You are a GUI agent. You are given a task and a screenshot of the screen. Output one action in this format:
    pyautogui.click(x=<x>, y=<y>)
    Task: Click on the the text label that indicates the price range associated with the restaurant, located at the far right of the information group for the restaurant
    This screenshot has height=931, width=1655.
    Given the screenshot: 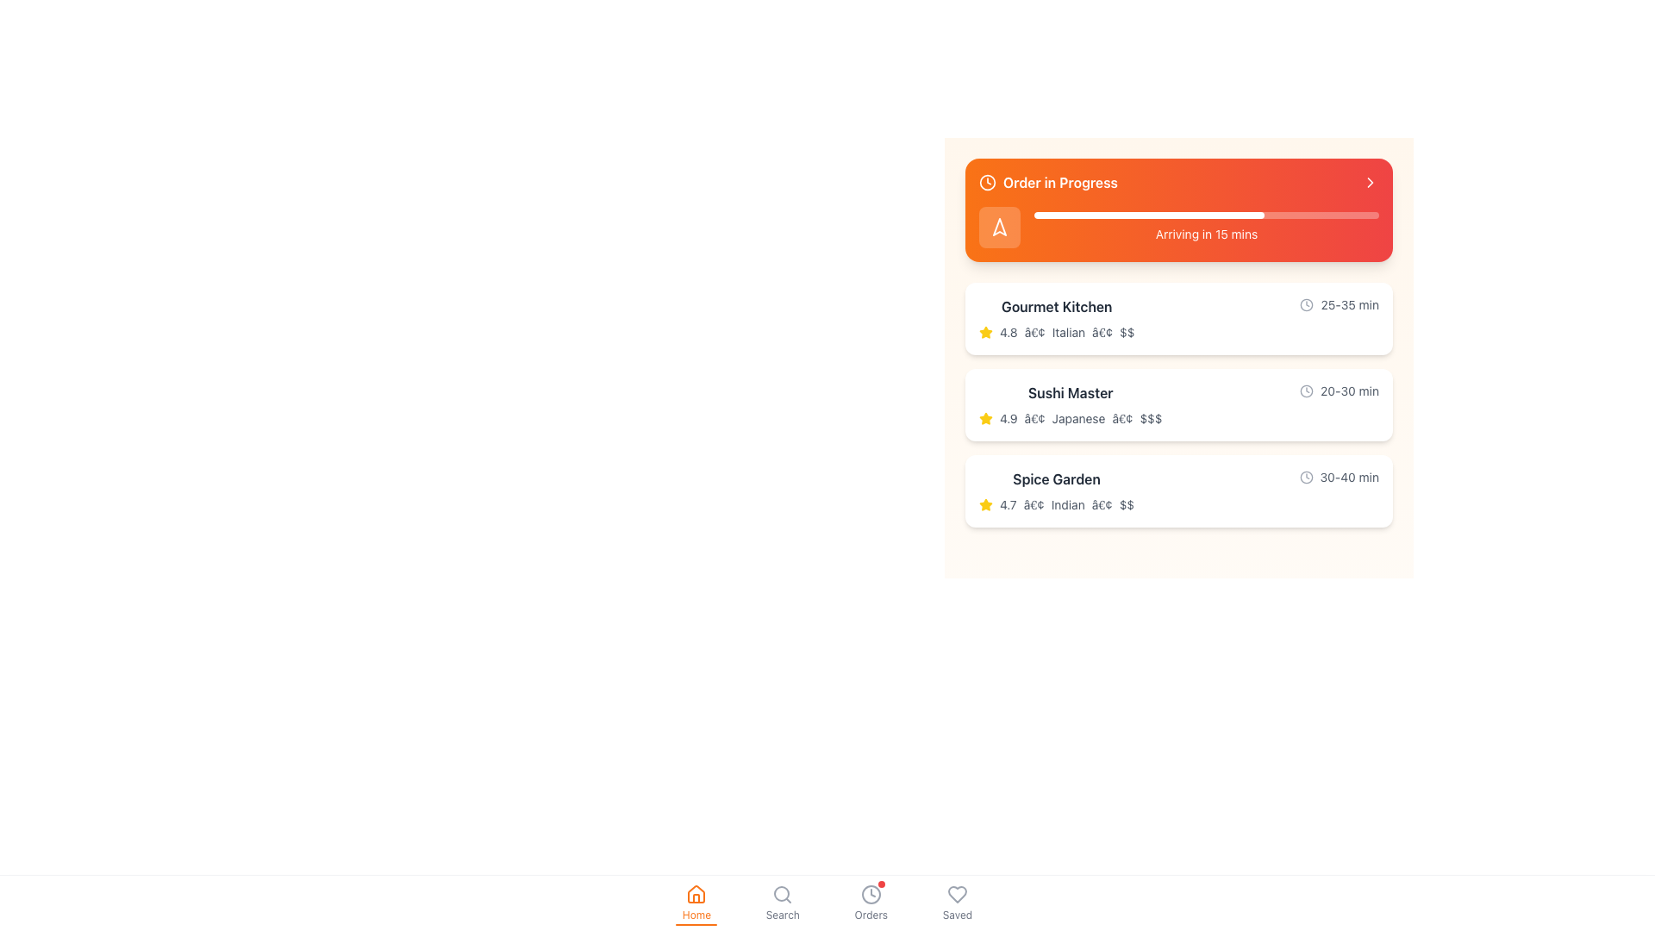 What is the action you would take?
    pyautogui.click(x=1127, y=332)
    